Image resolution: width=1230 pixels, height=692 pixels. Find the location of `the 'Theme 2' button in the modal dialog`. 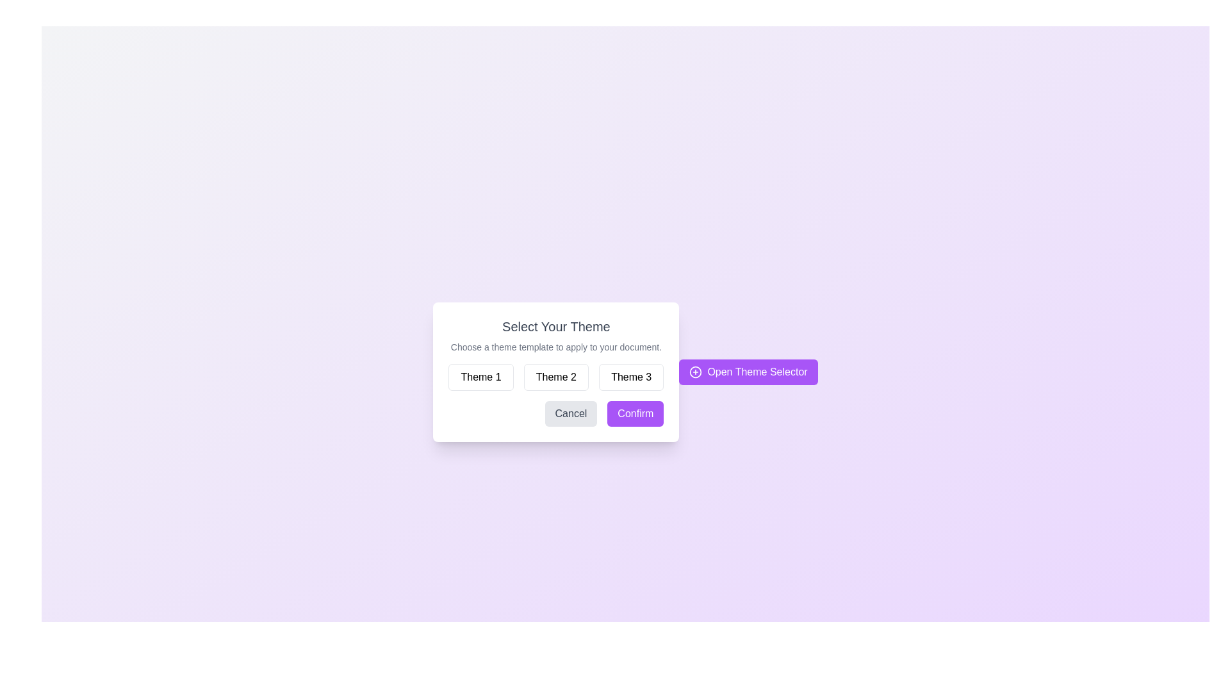

the 'Theme 2' button in the modal dialog is located at coordinates (556, 377).